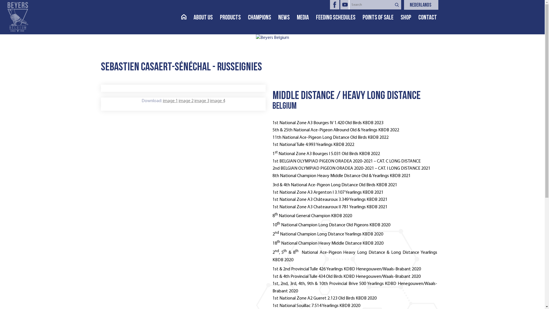 The width and height of the screenshot is (549, 309). I want to click on 'MEDIA', so click(306, 17).